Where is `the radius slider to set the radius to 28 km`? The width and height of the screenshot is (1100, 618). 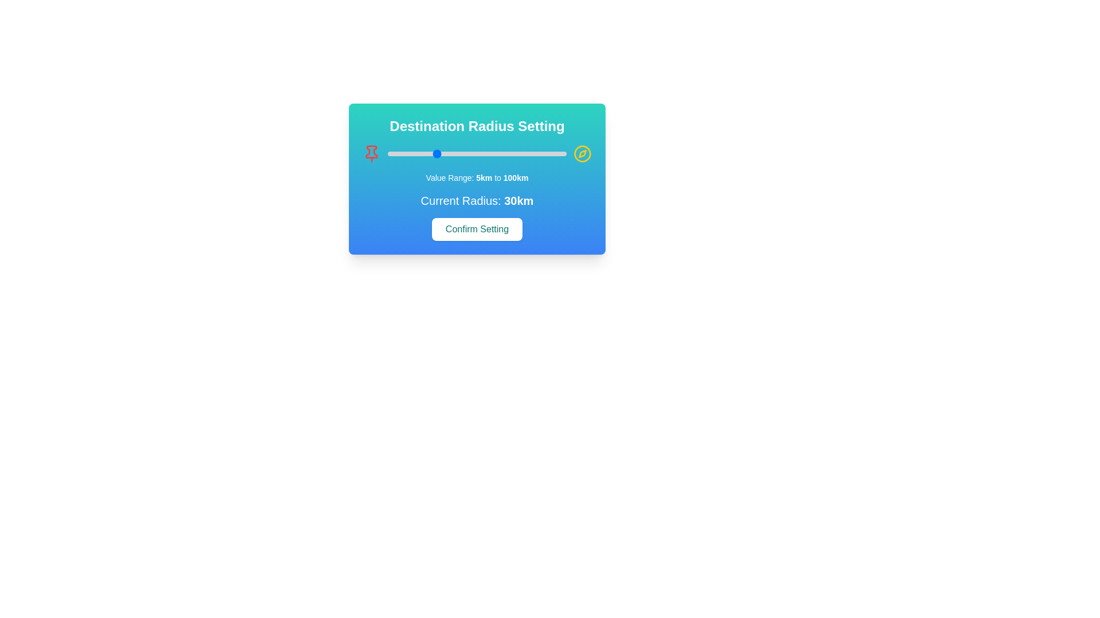
the radius slider to set the radius to 28 km is located at coordinates (430, 153).